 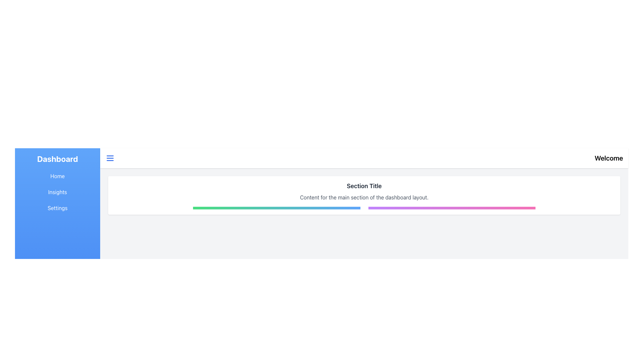 What do you see at coordinates (110, 158) in the screenshot?
I see `the blue menu icon button with three horizontal lines located at the top left corner of the page` at bounding box center [110, 158].